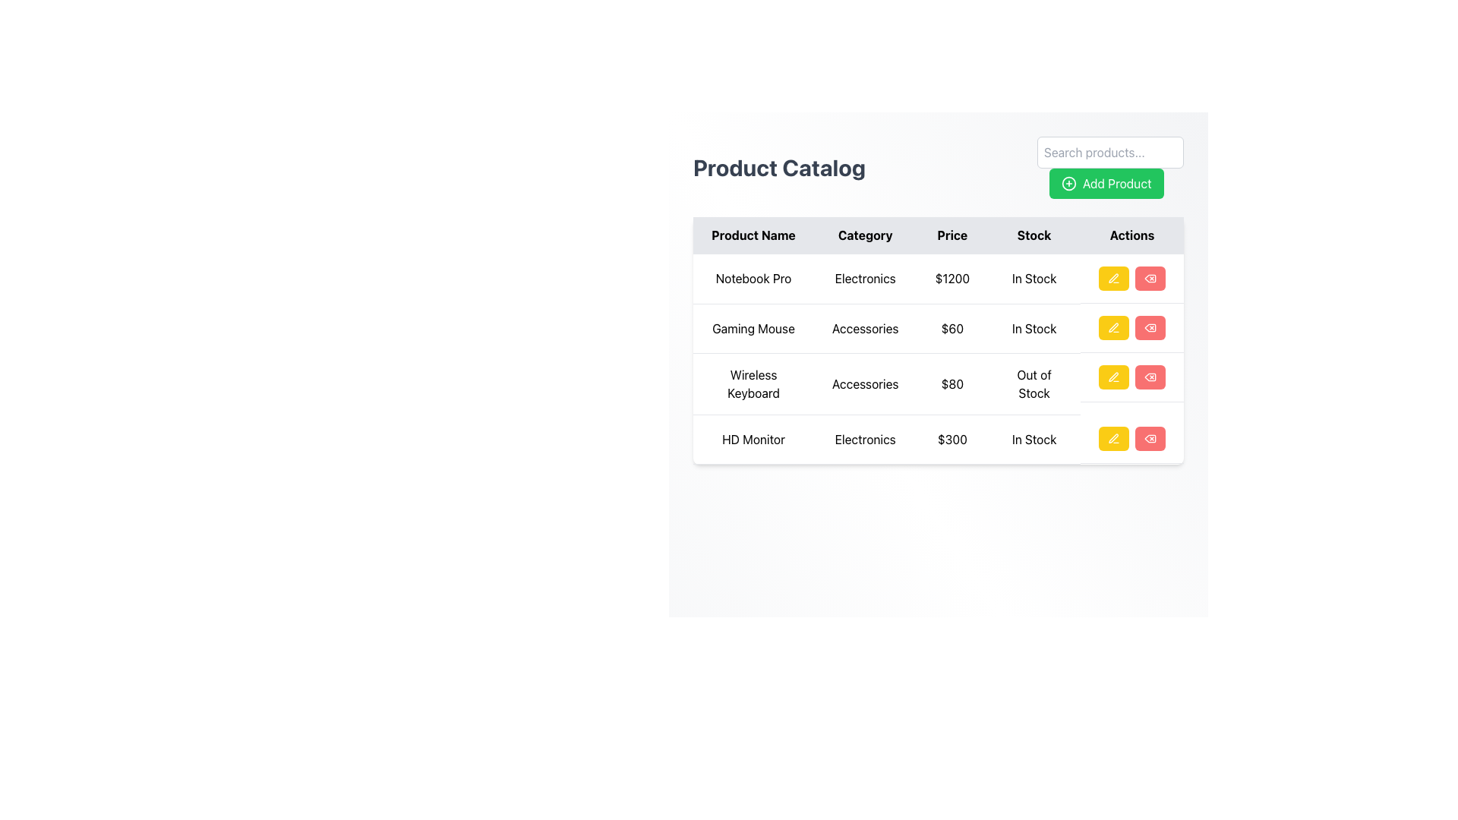 The image size is (1458, 820). I want to click on the edit Icon button located on the right side of the 'Wireless Keyboard' product entry in the Actions column of the table, so click(1114, 278).